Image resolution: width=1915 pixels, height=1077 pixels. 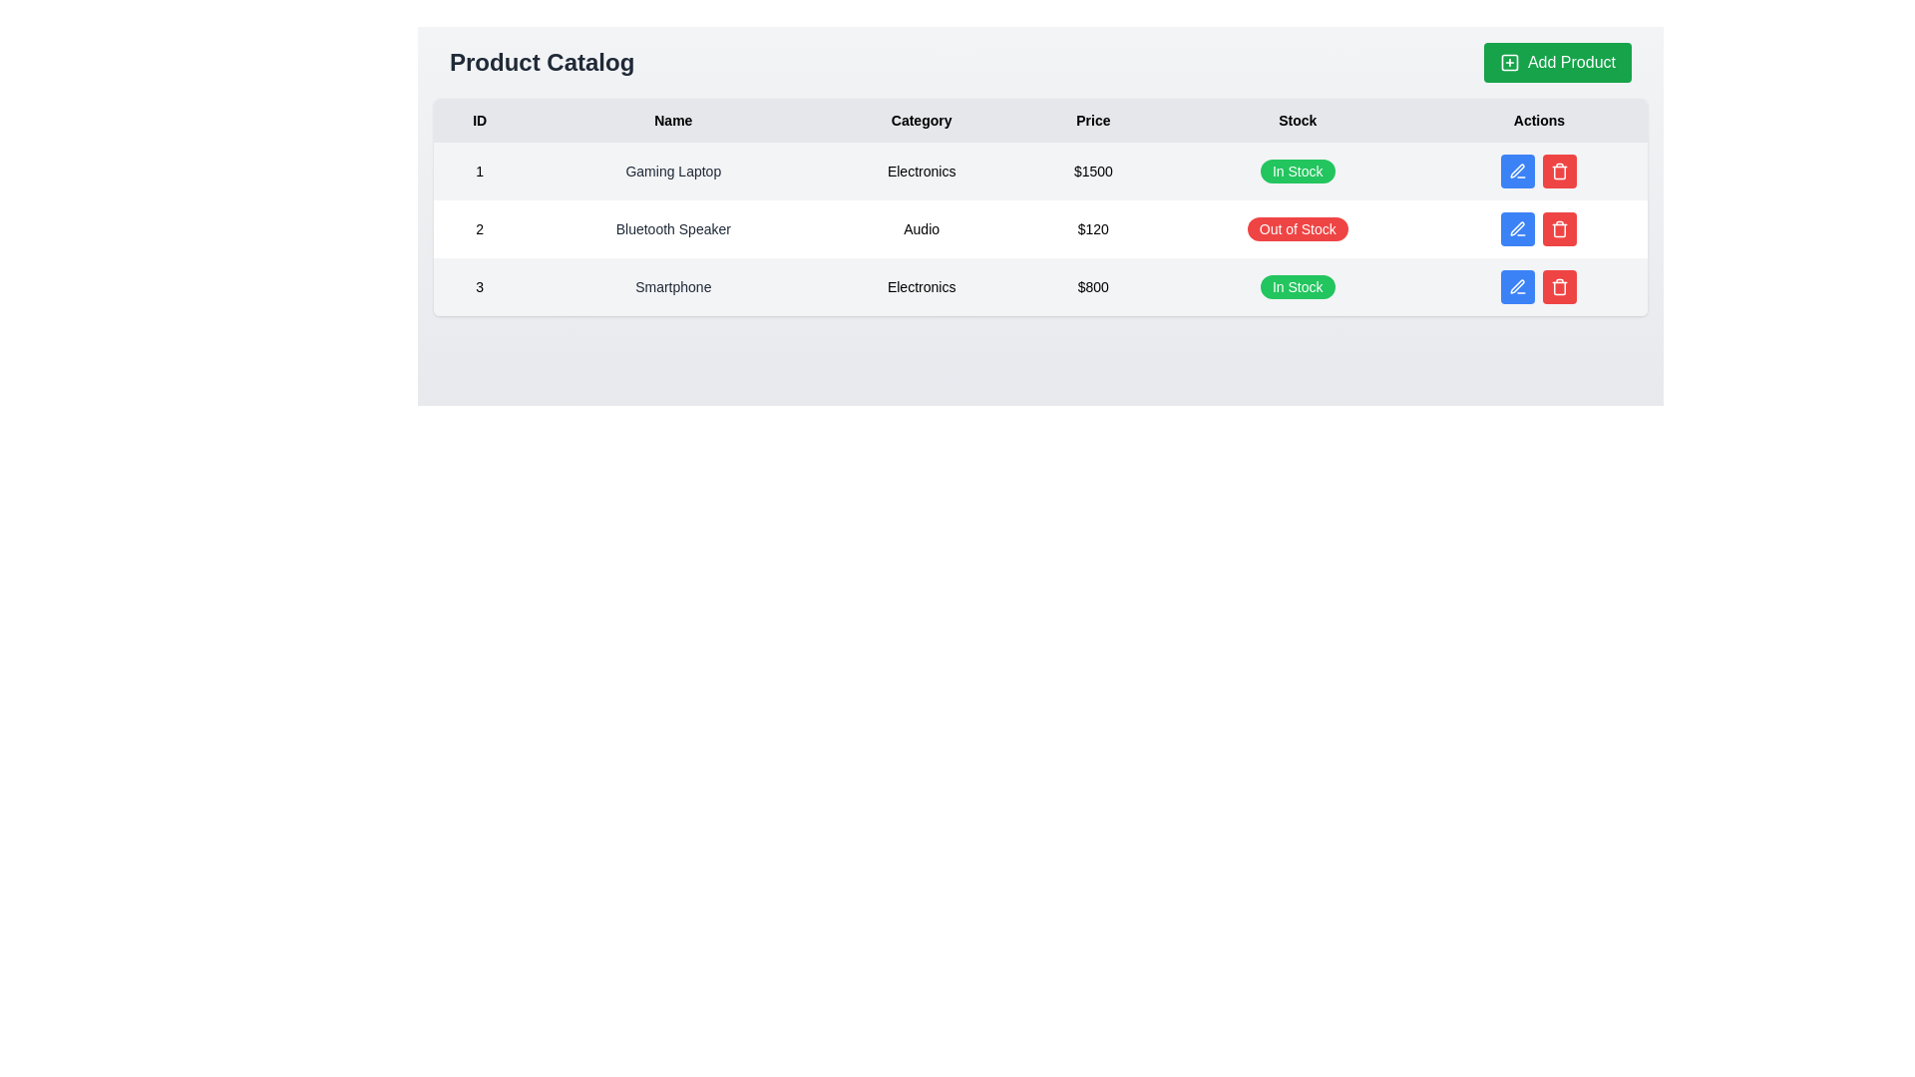 I want to click on the text displaying '$800' in the 'Price' column of the third row under '3 Smartphone Electronics', which is styled in a standard dark font and is center-aligned, so click(x=1092, y=287).